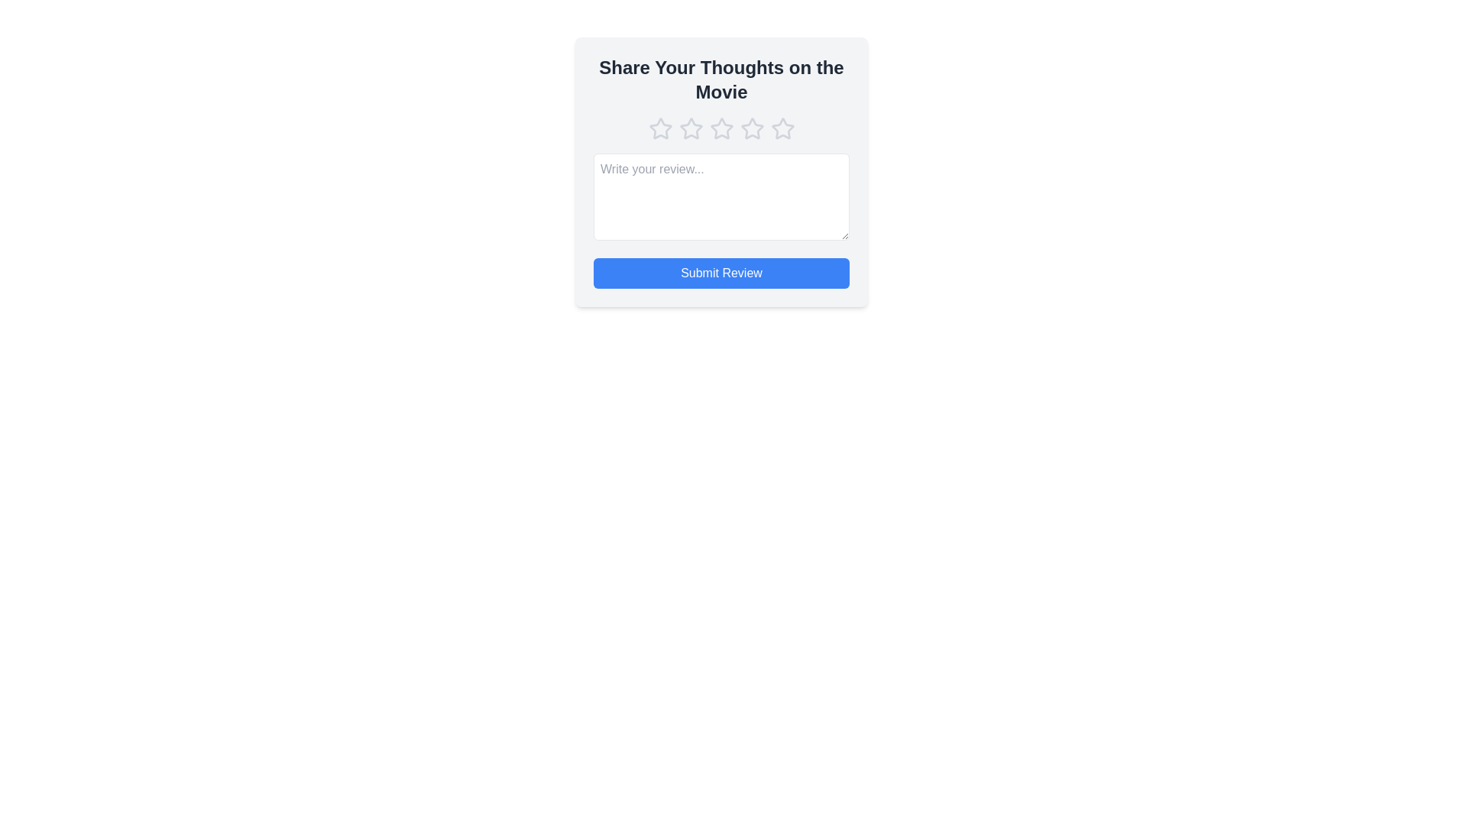 The height and width of the screenshot is (825, 1467). Describe the element at coordinates (752, 128) in the screenshot. I see `the third star icon in the rating system` at that location.